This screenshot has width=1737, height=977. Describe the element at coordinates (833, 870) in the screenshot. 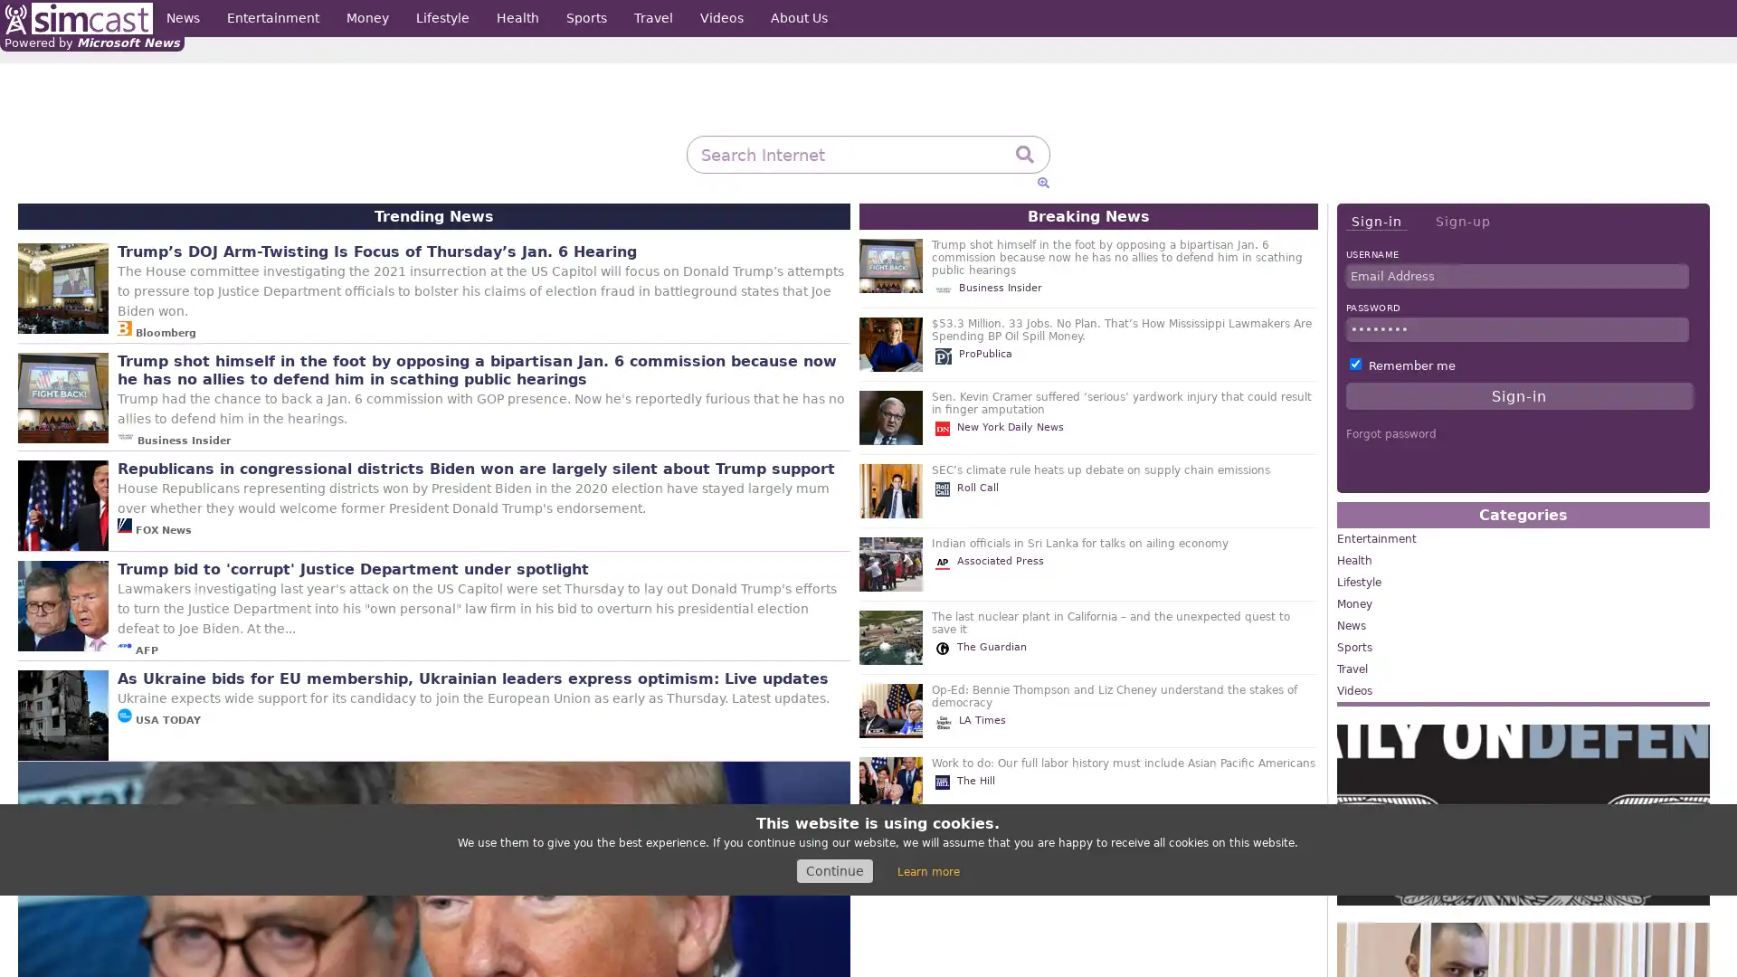

I see `Continue` at that location.